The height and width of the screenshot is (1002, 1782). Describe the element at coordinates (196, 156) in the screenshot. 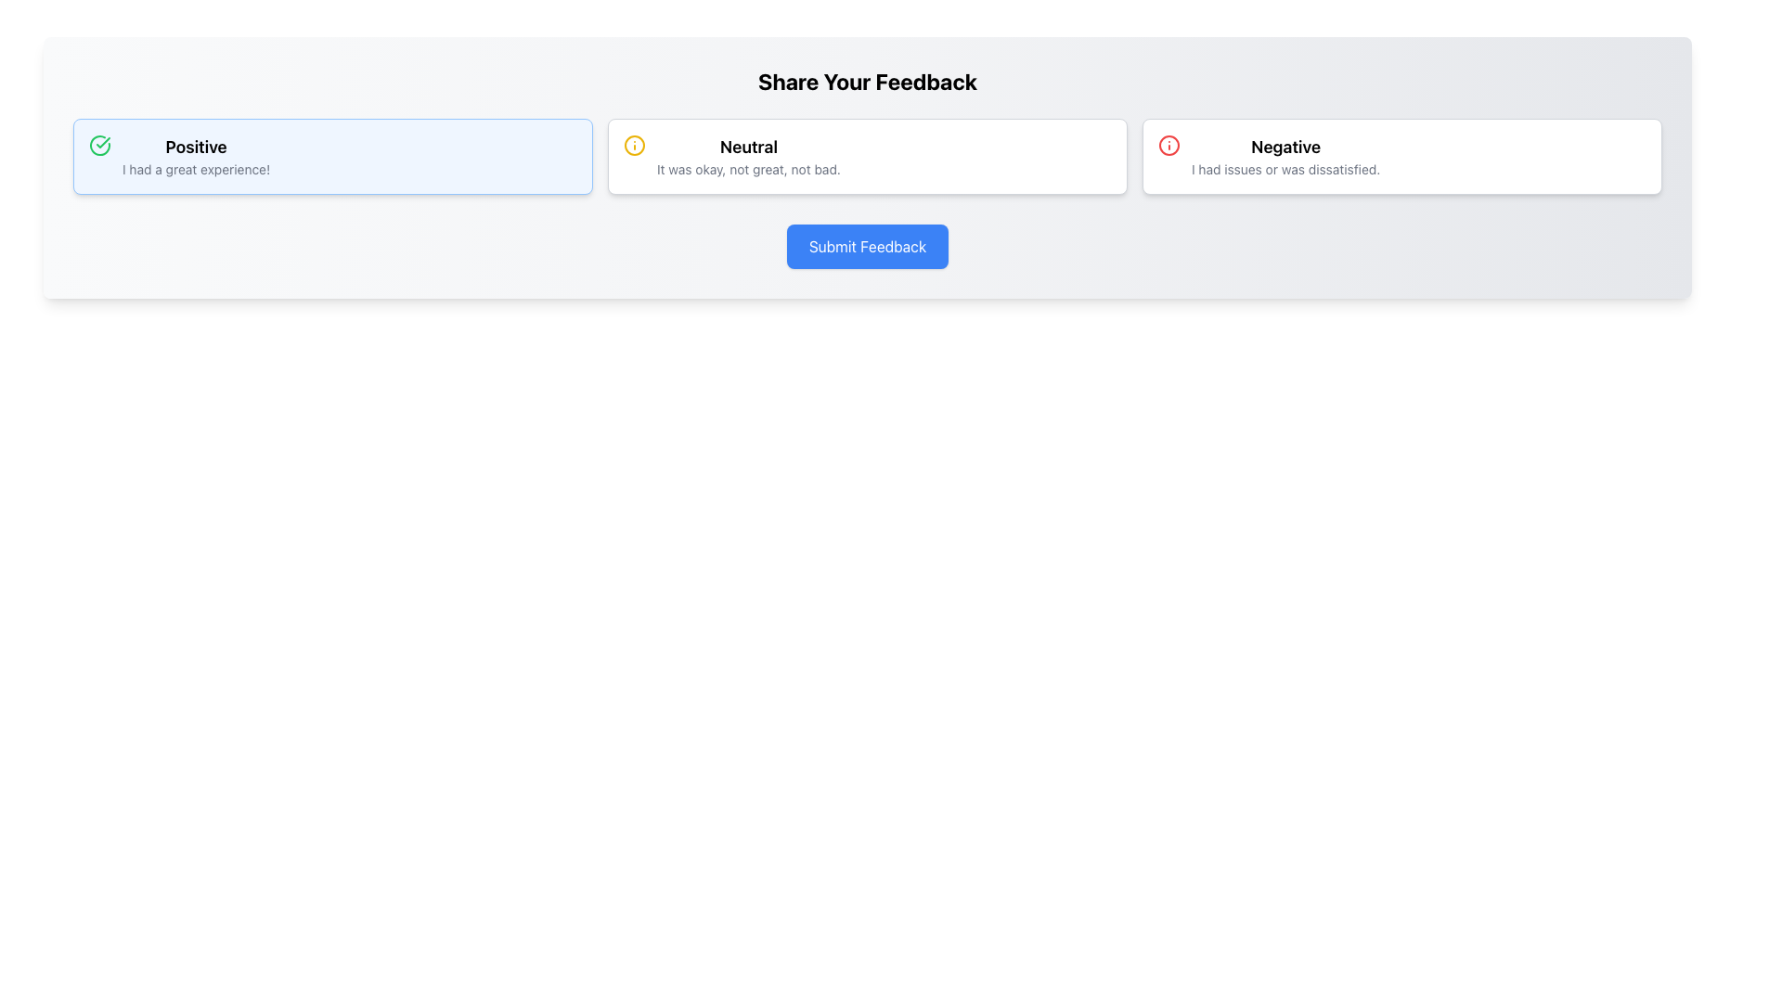

I see `the positive feedback text group located in the central region of the leftmost interactive card within a three-card feedback section` at that location.